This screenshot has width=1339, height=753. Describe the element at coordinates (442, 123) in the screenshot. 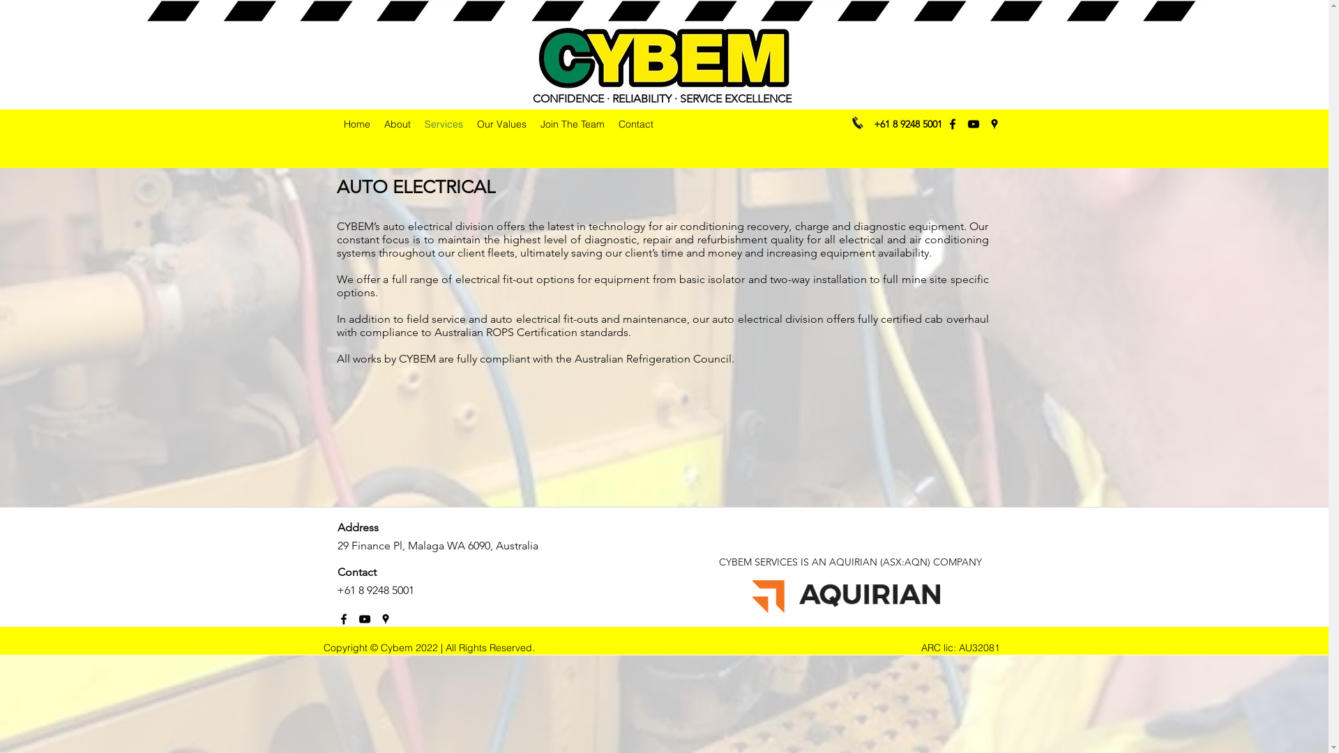

I see `'Services'` at that location.